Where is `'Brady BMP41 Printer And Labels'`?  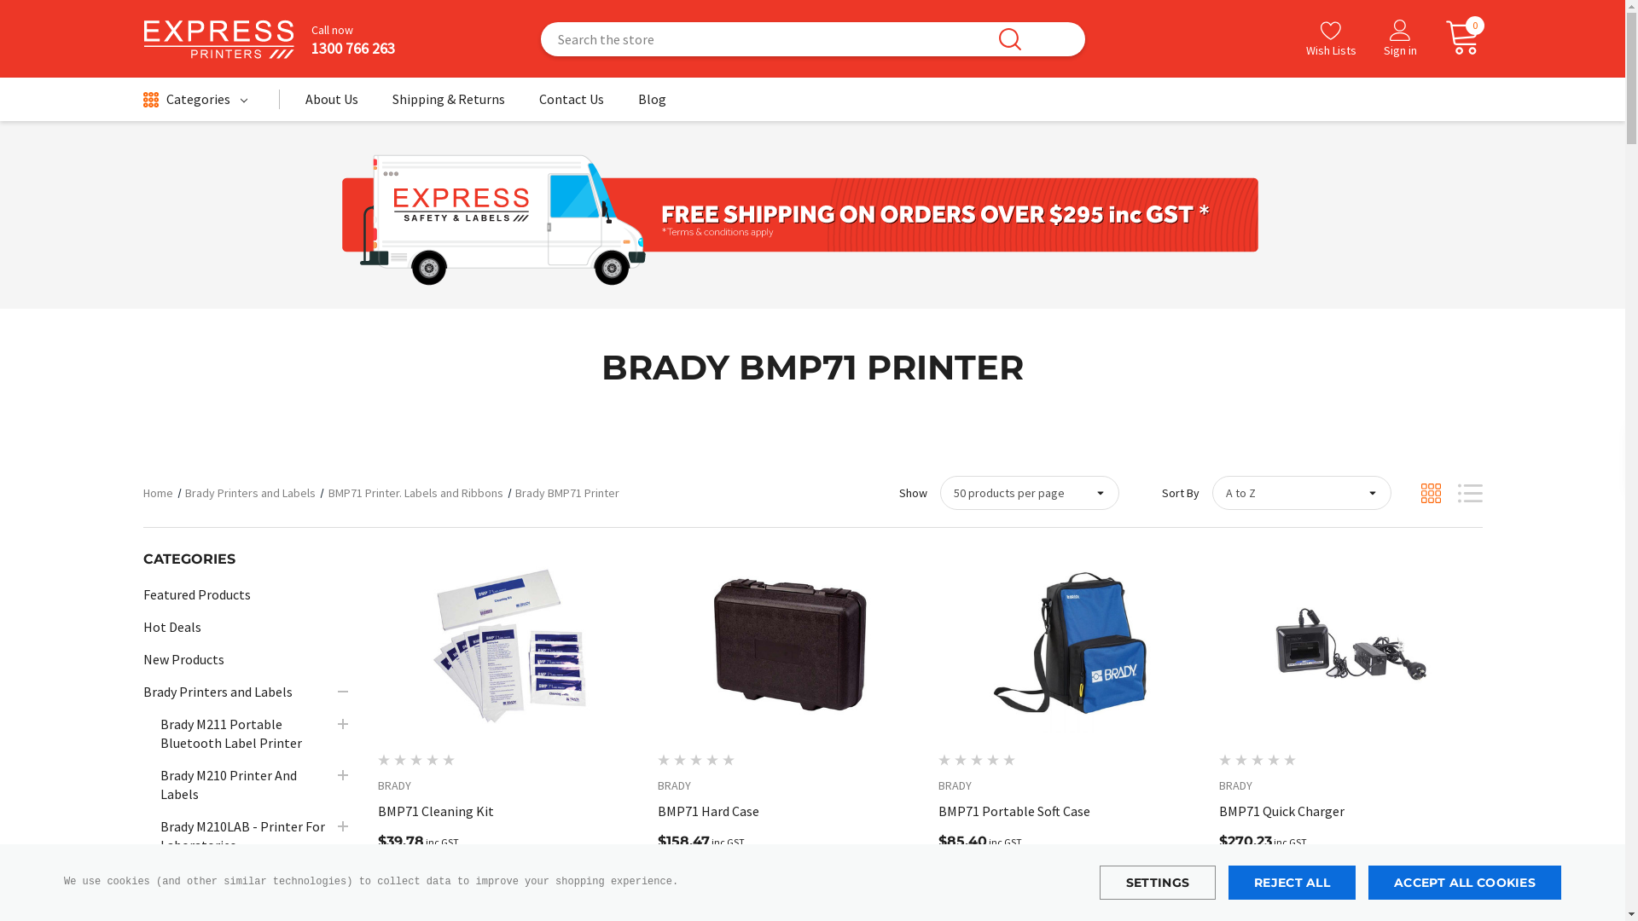 'Brady BMP41 Printer And Labels' is located at coordinates (160, 886).